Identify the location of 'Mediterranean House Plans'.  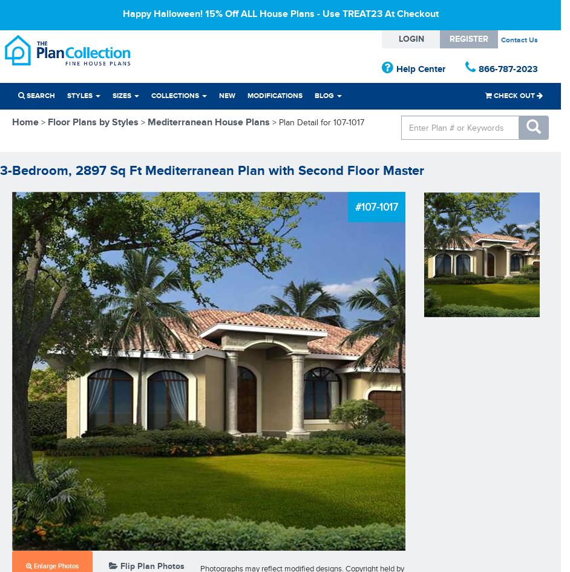
(208, 122).